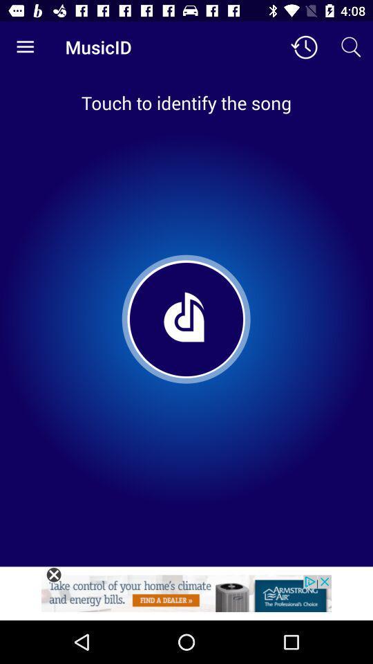 Image resolution: width=373 pixels, height=664 pixels. What do you see at coordinates (186, 597) in the screenshot?
I see `web add` at bounding box center [186, 597].